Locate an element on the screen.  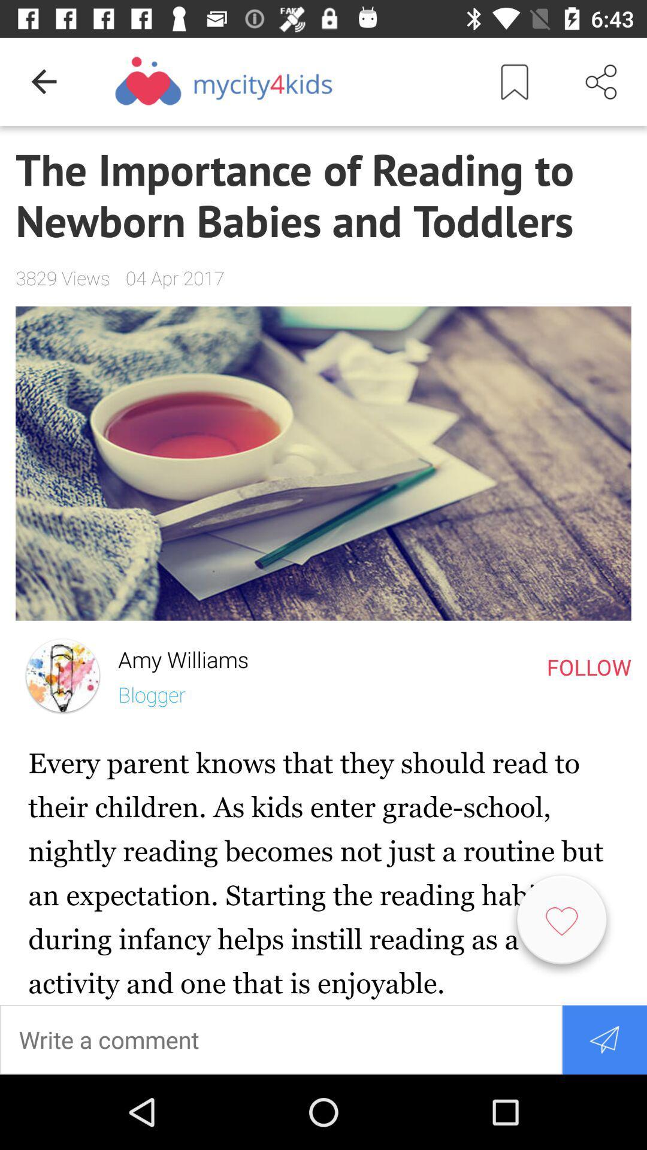
the icon above blogger is located at coordinates (176, 656).